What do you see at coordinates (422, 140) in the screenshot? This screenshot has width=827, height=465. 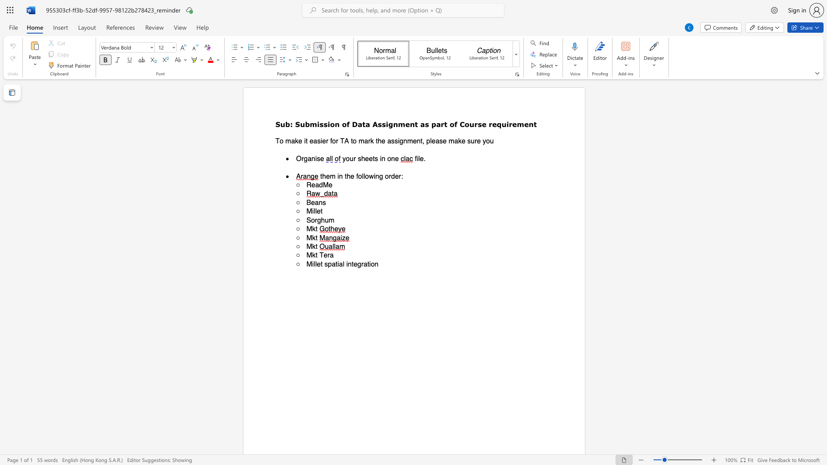 I see `the subset text ", ple" within the text "To make it easier for TA to mark the assignment, please make sure you"` at bounding box center [422, 140].